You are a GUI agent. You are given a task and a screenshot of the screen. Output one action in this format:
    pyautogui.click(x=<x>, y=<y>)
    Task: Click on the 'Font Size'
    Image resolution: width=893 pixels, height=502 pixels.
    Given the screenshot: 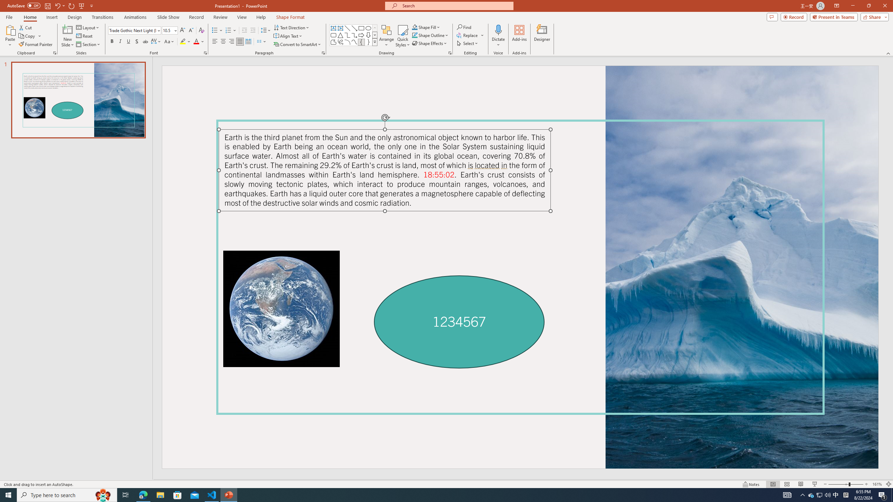 What is the action you would take?
    pyautogui.click(x=168, y=30)
    